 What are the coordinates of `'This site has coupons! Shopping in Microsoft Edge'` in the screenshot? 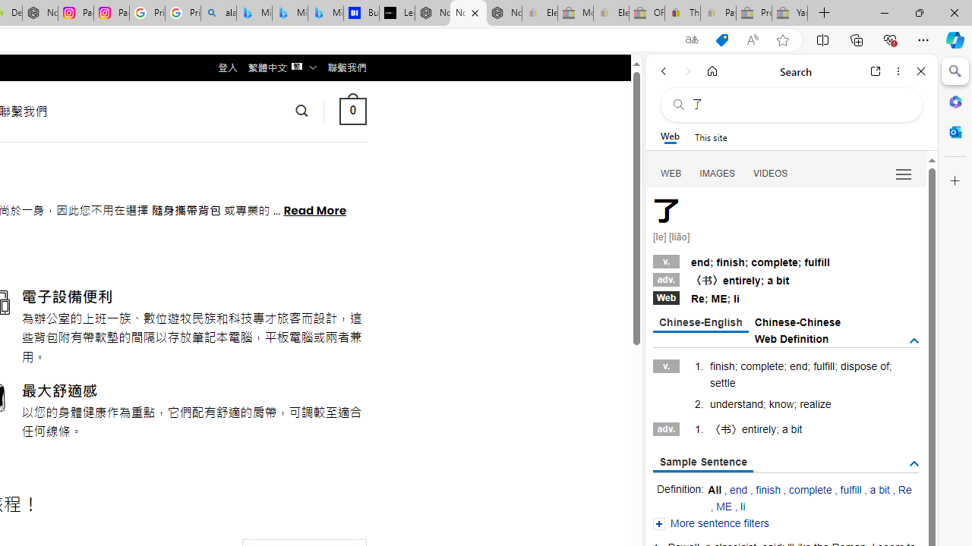 It's located at (721, 39).